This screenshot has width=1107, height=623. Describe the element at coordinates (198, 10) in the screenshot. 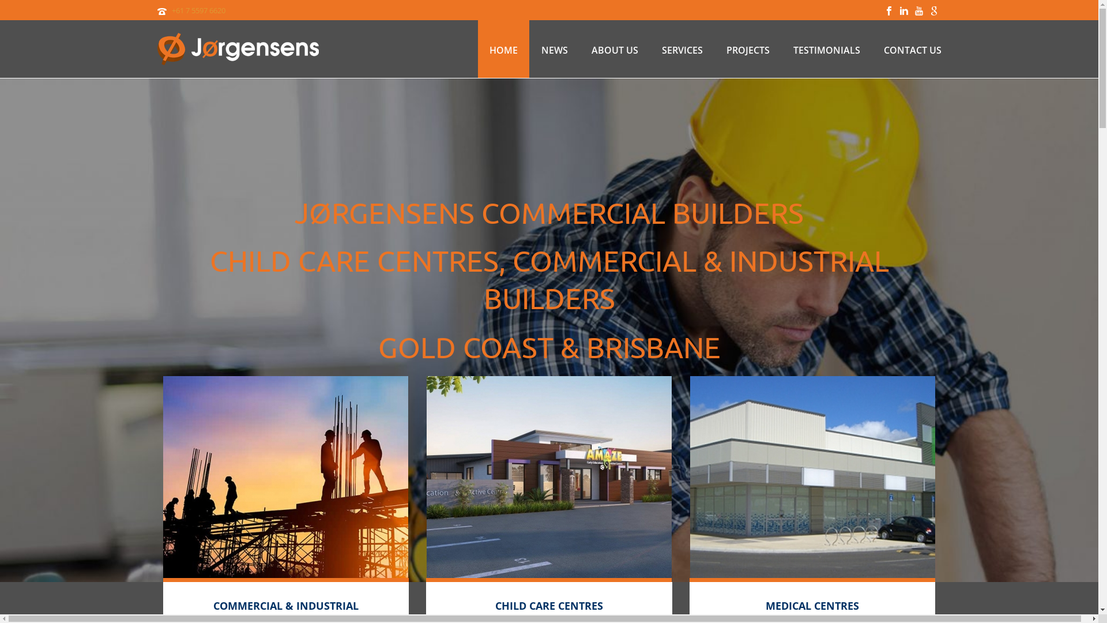

I see `'+61 7 5597 6620'` at that location.